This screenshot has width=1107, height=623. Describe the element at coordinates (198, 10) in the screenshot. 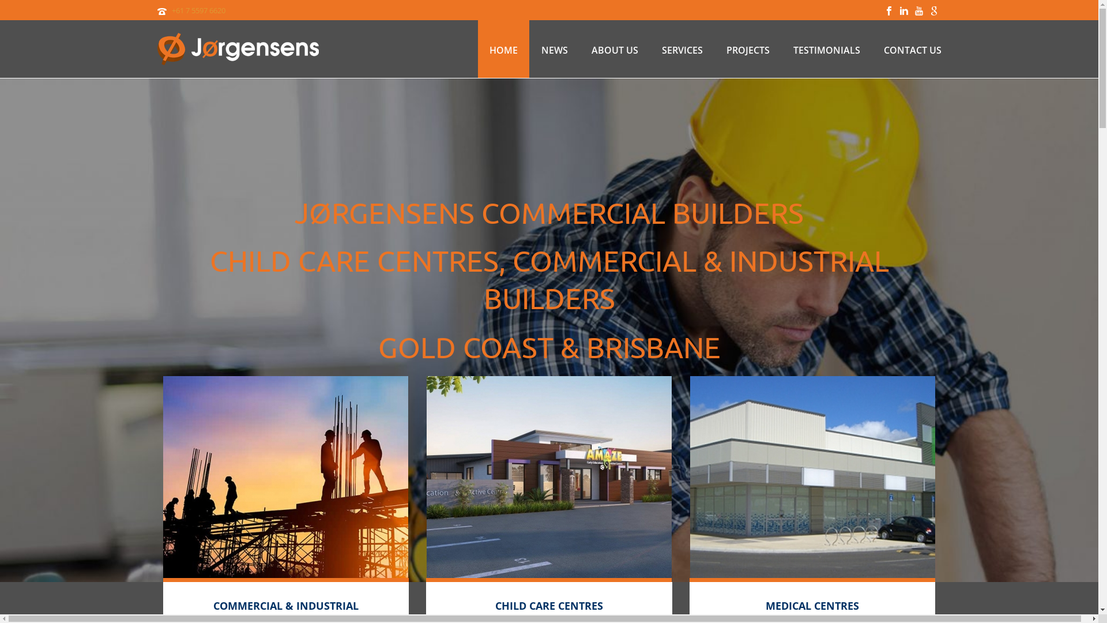

I see `'+61 7 5597 6620'` at that location.